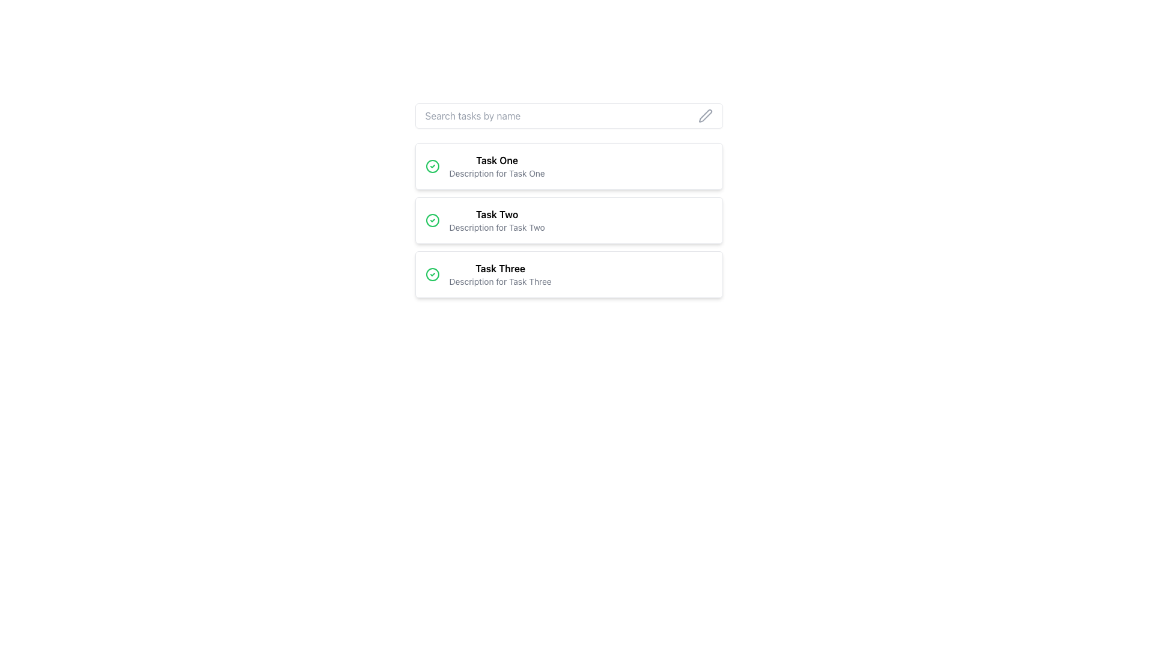 The width and height of the screenshot is (1154, 649). I want to click on the interactive icon button for editing actions related to the search bar's content, positioned at the far right end of the search input bar, so click(705, 115).